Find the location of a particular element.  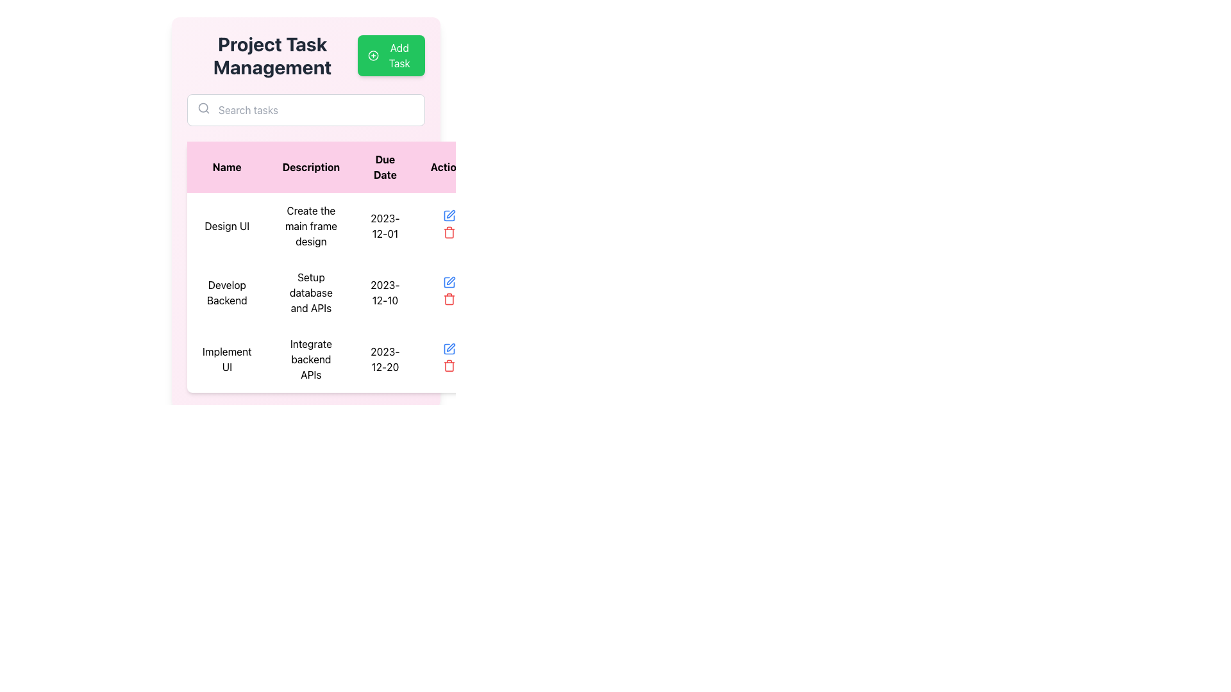

the Text Label indicating the task name 'Design UI', located in the first column of the first row of the table under the 'Name' header is located at coordinates (227, 226).